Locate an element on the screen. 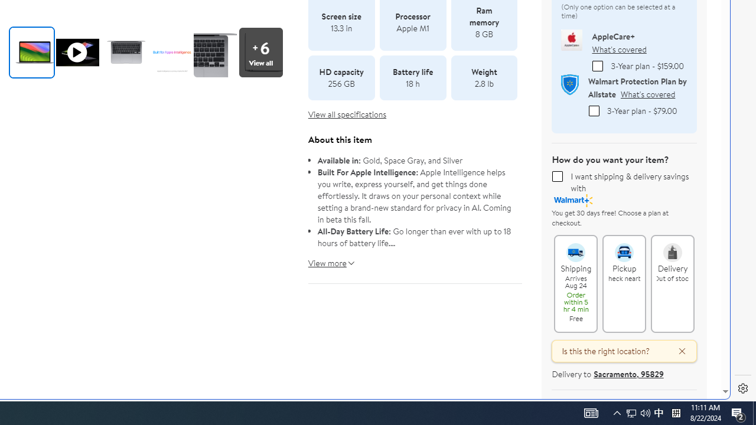 The image size is (756, 425). 'View more, item details' is located at coordinates (327, 258).